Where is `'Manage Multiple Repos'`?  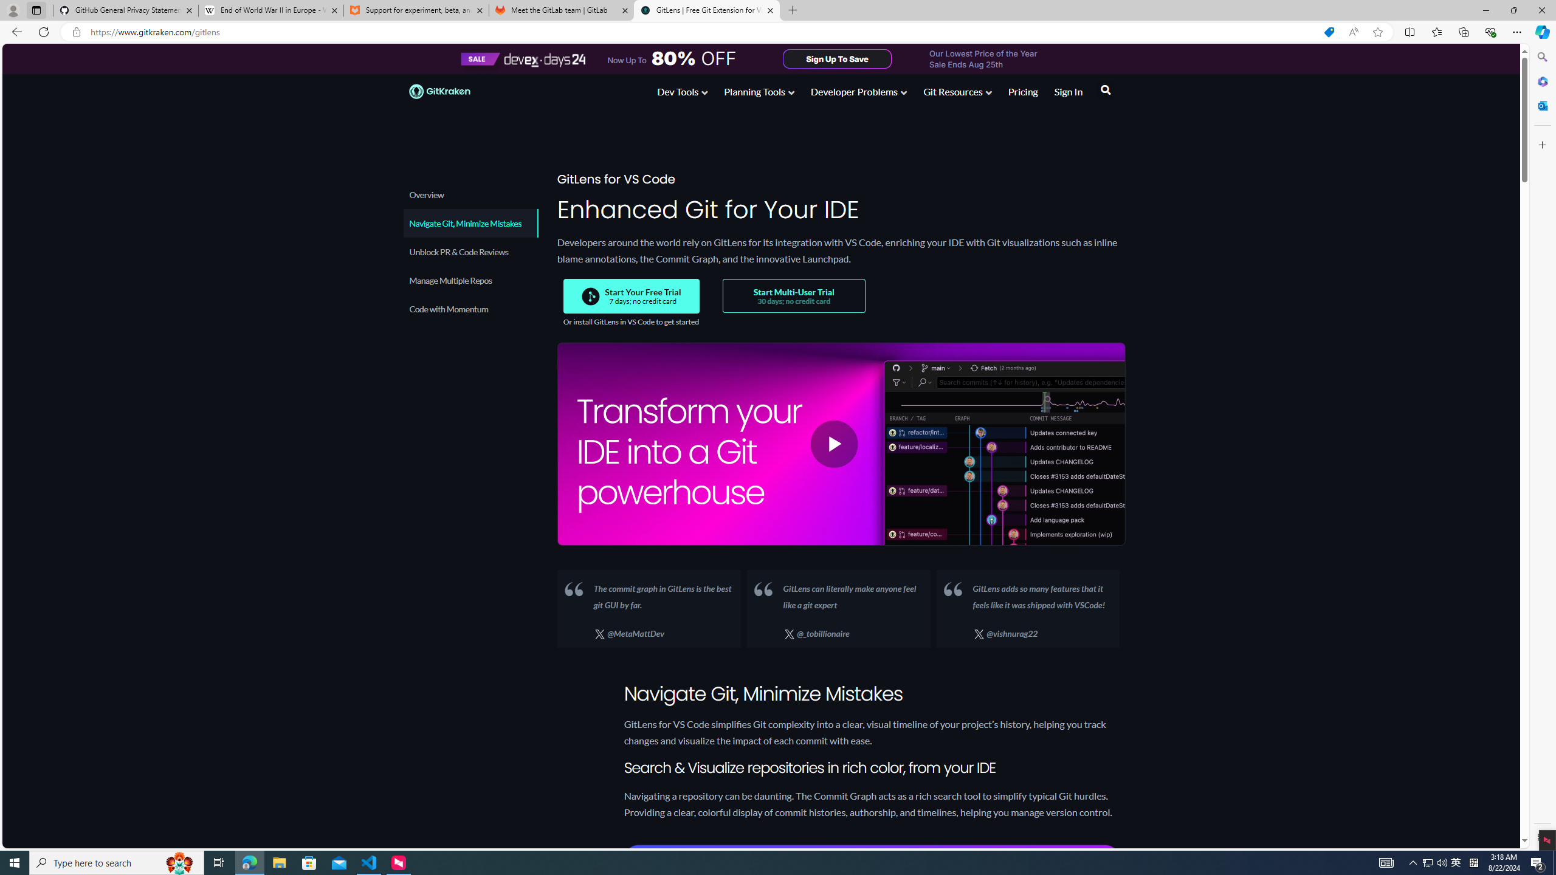
'Manage Multiple Repos' is located at coordinates (470, 280).